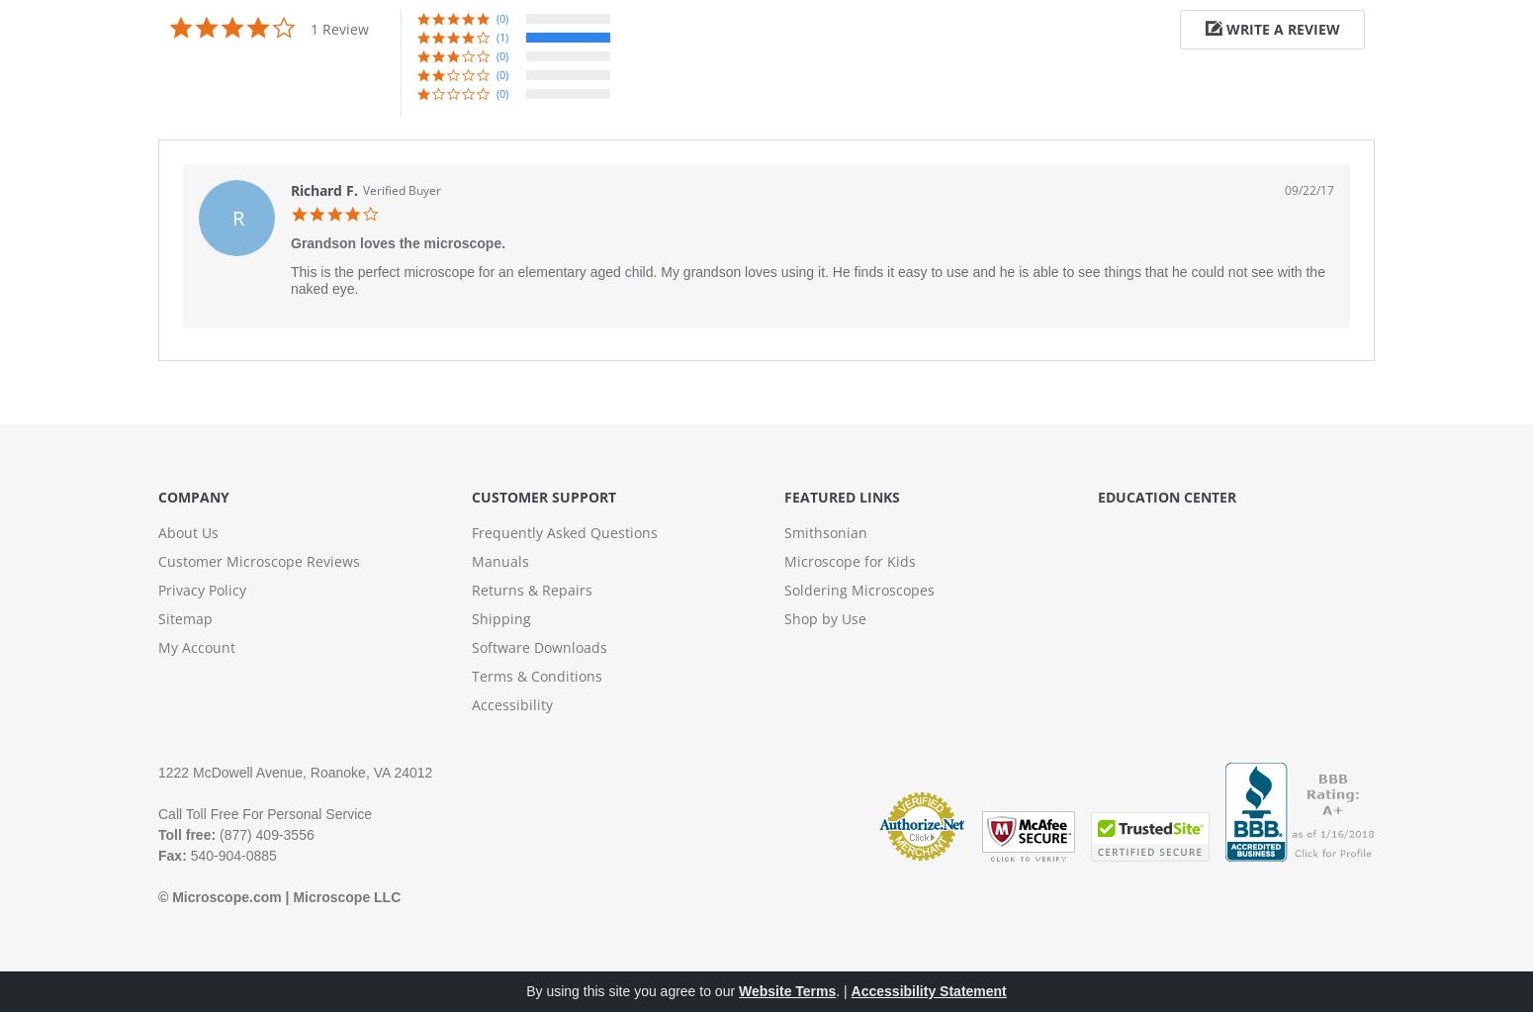 This screenshot has width=1533, height=1012. I want to click on 'Education Center', so click(1165, 496).